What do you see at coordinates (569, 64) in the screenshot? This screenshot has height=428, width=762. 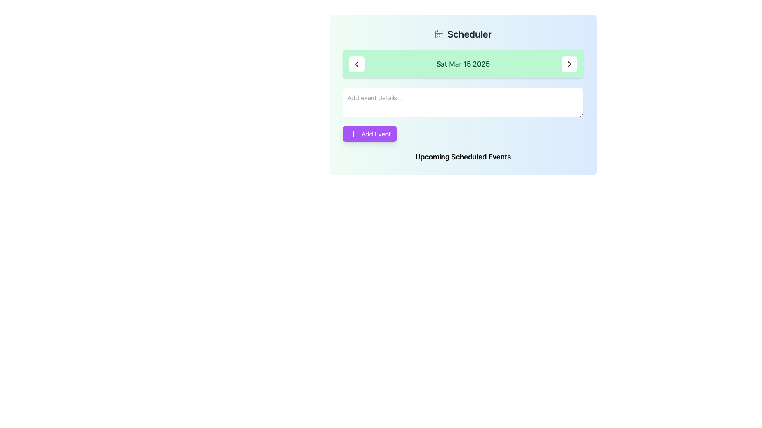 I see `the forward navigation SVG icon located inside the button on the right side of the scheduler's date display section` at bounding box center [569, 64].